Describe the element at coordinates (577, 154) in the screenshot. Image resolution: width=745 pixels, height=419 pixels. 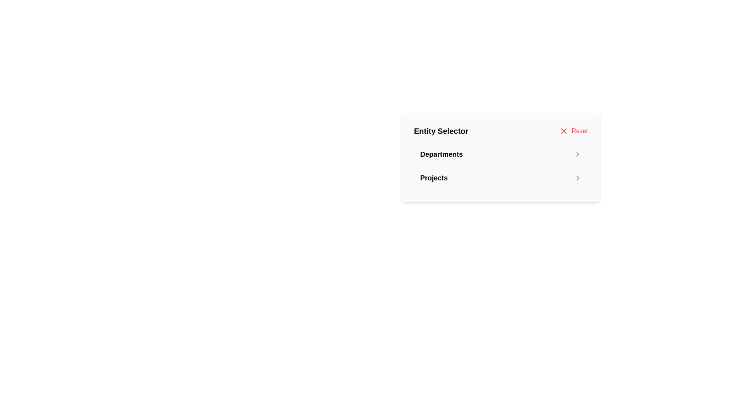
I see `the right-pointing chevron icon located at the rightmost end of the 'Departments' entry in the 'Entity Selector' menu` at that location.